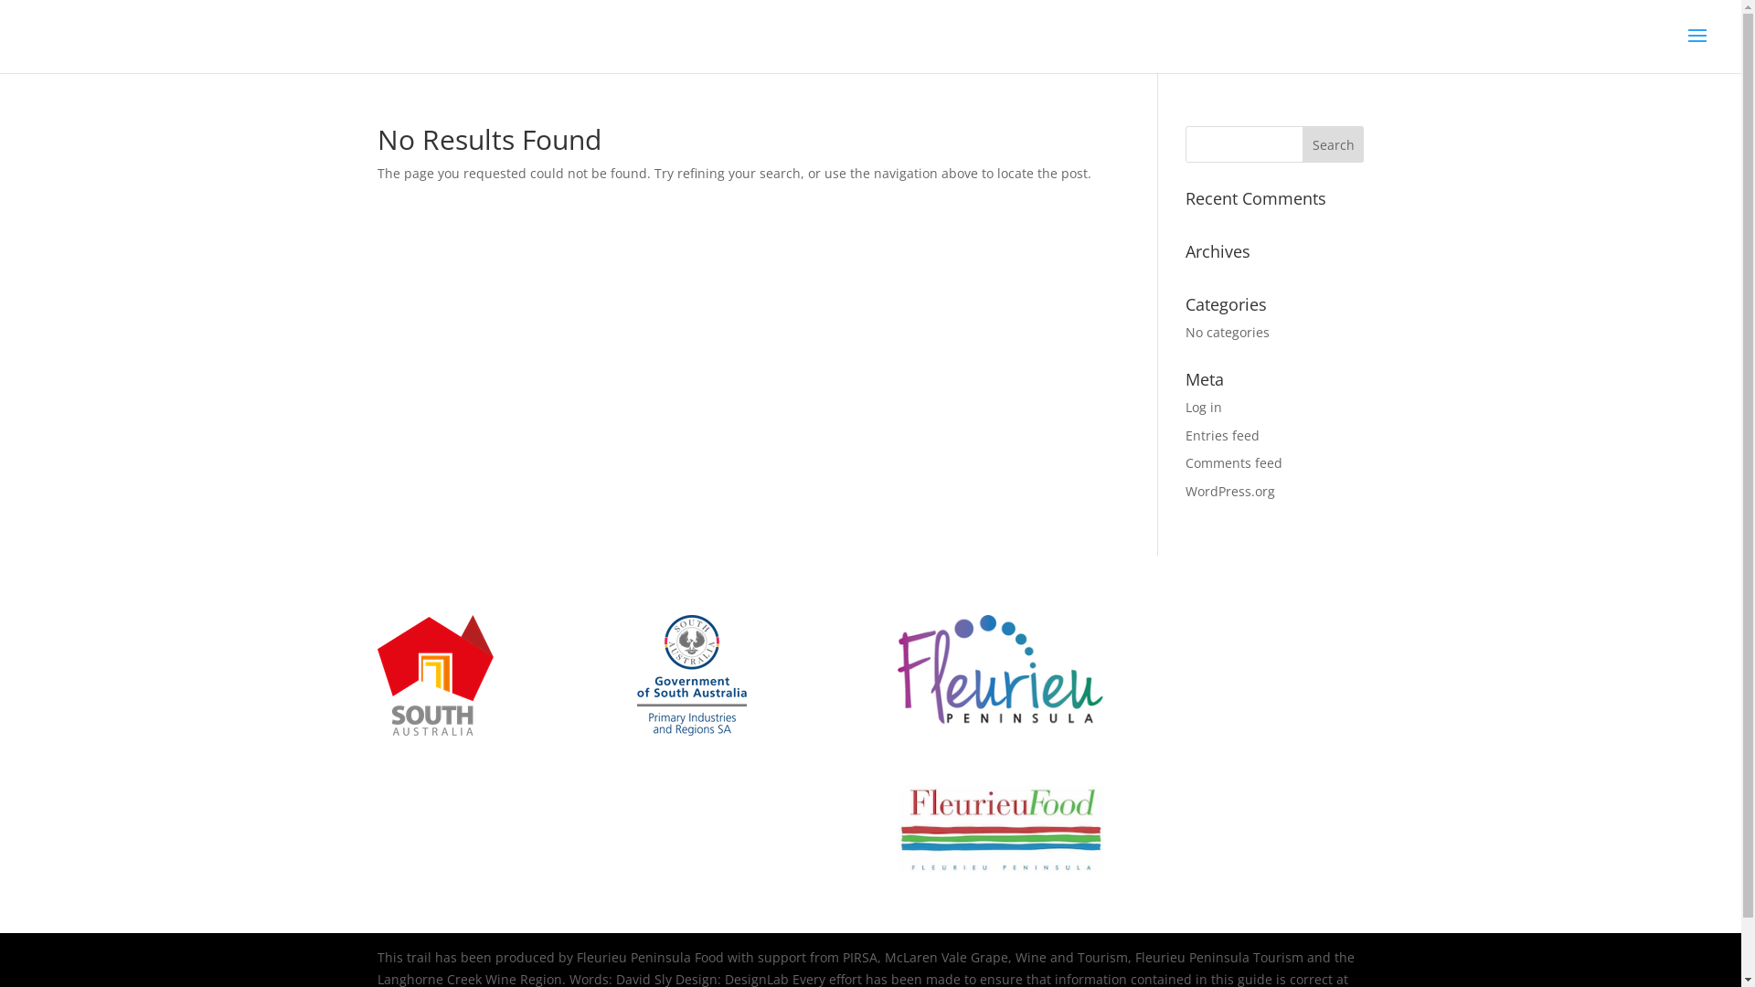  Describe the element at coordinates (1229, 490) in the screenshot. I see `'WordPress.org'` at that location.